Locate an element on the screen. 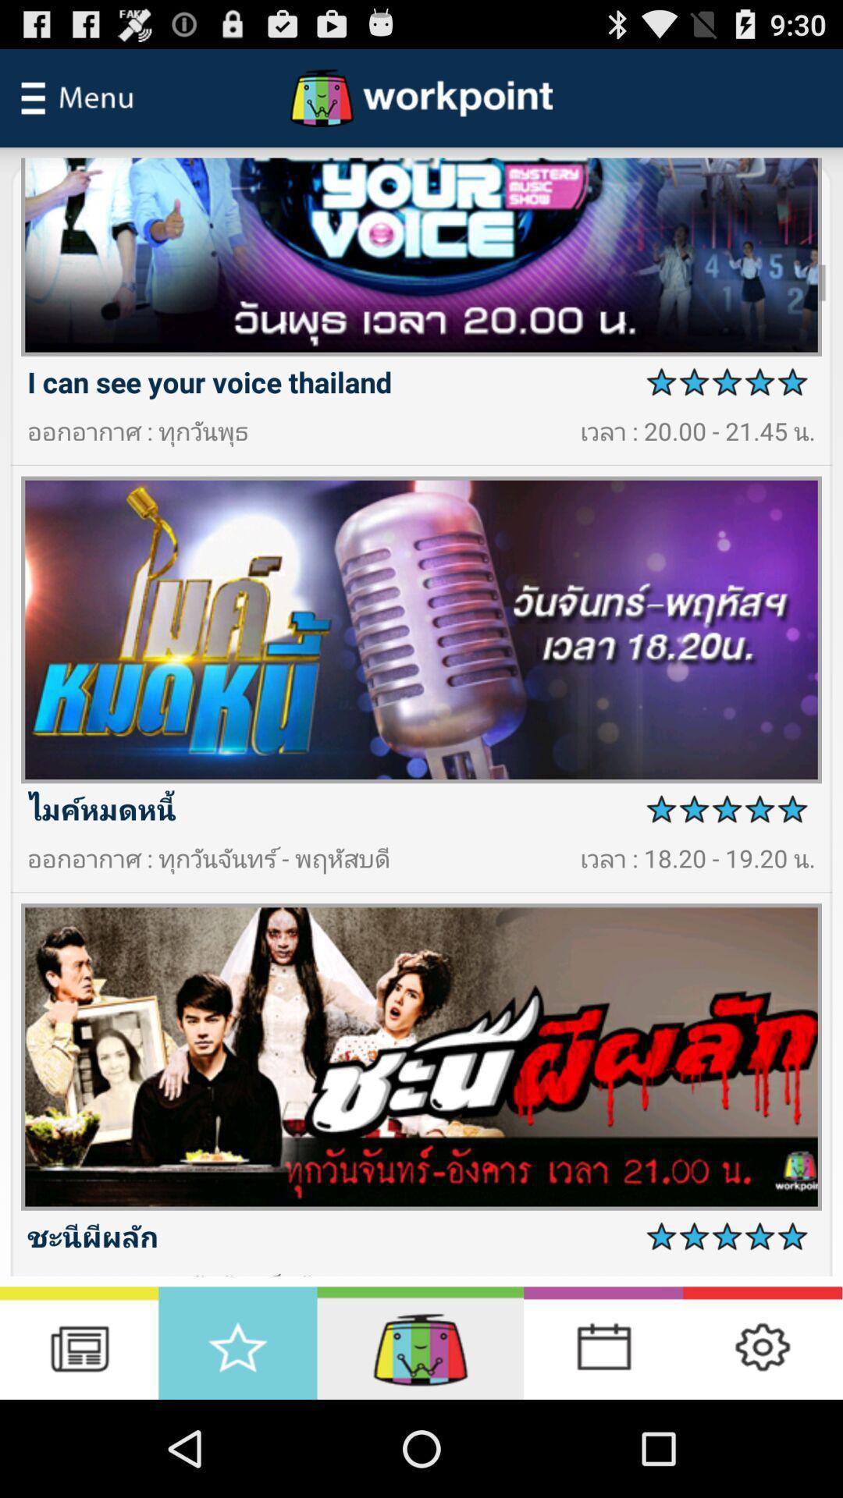 This screenshot has height=1498, width=843. open calendar is located at coordinates (603, 1342).